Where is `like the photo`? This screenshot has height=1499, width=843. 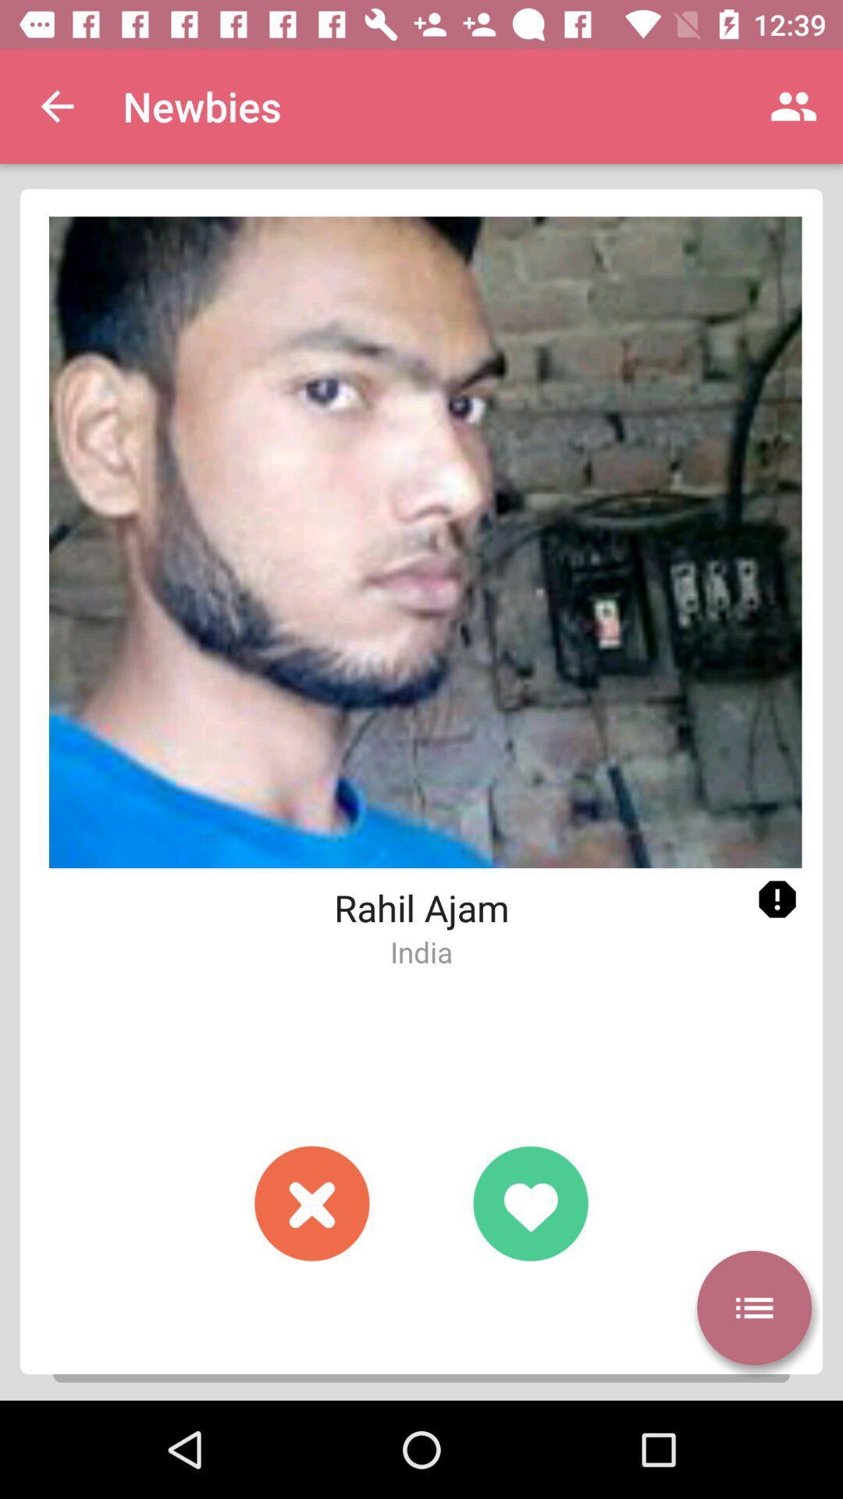
like the photo is located at coordinates (529, 1202).